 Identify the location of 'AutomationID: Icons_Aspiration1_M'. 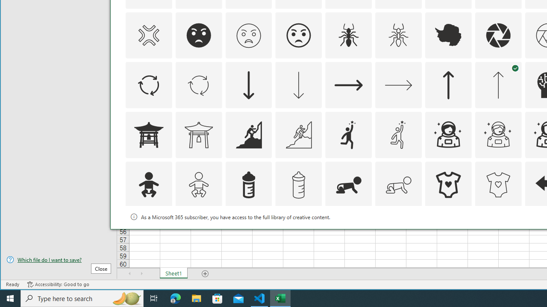
(398, 134).